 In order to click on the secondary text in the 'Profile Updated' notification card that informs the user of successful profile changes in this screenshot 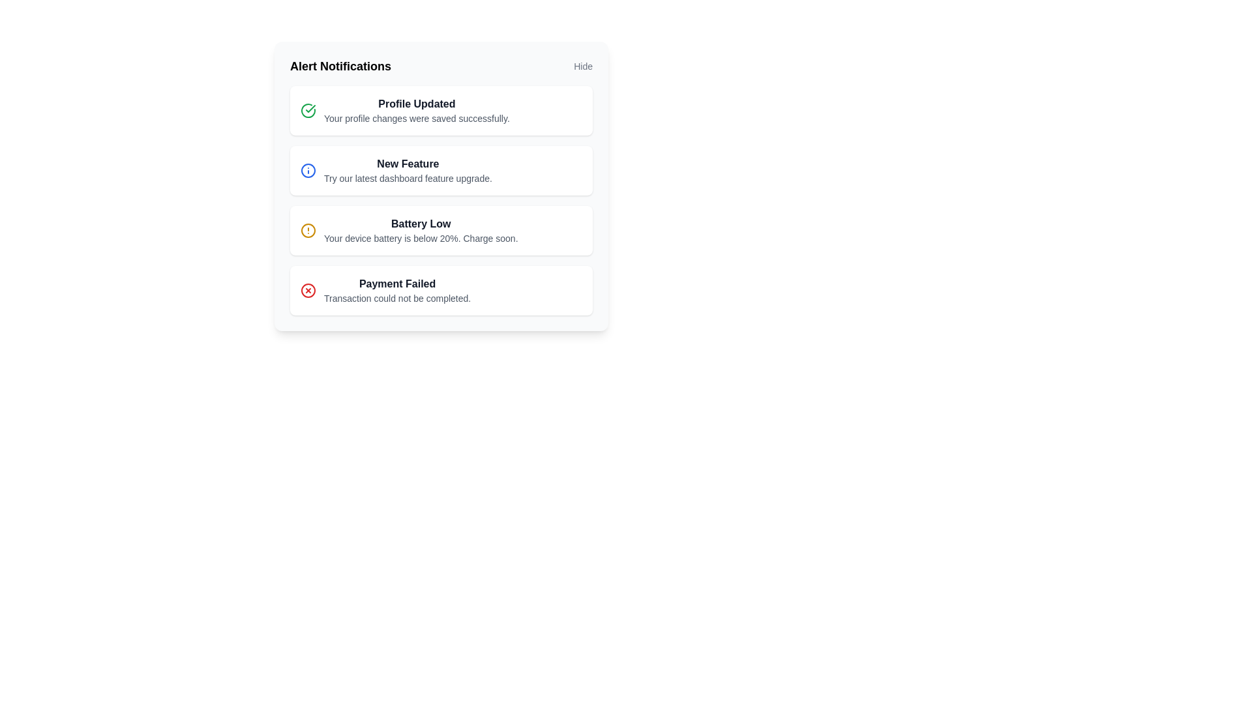, I will do `click(416, 118)`.